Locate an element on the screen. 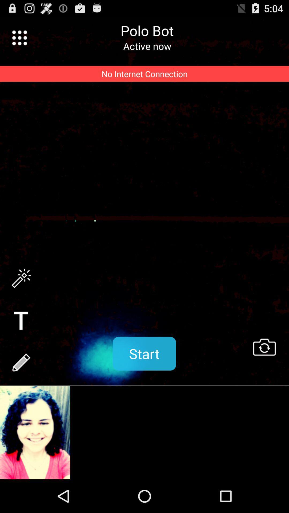 This screenshot has height=513, width=289. the swap icon is located at coordinates (264, 371).